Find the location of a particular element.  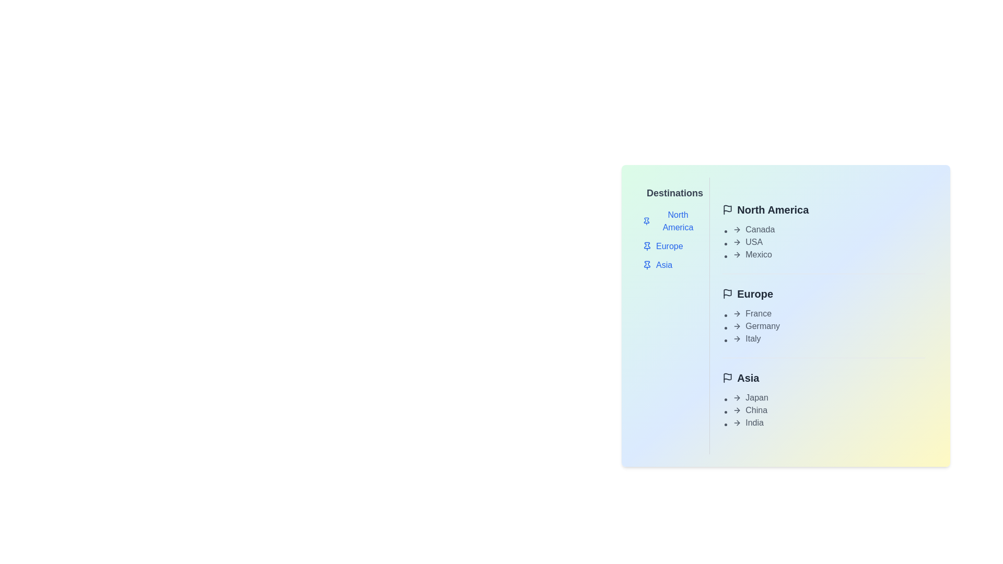

the small grayscale flag icon located to the left of the text label 'Europe' is located at coordinates (727, 294).